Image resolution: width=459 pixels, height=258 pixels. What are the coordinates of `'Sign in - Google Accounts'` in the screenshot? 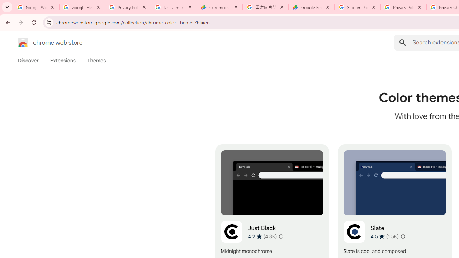 It's located at (358, 7).